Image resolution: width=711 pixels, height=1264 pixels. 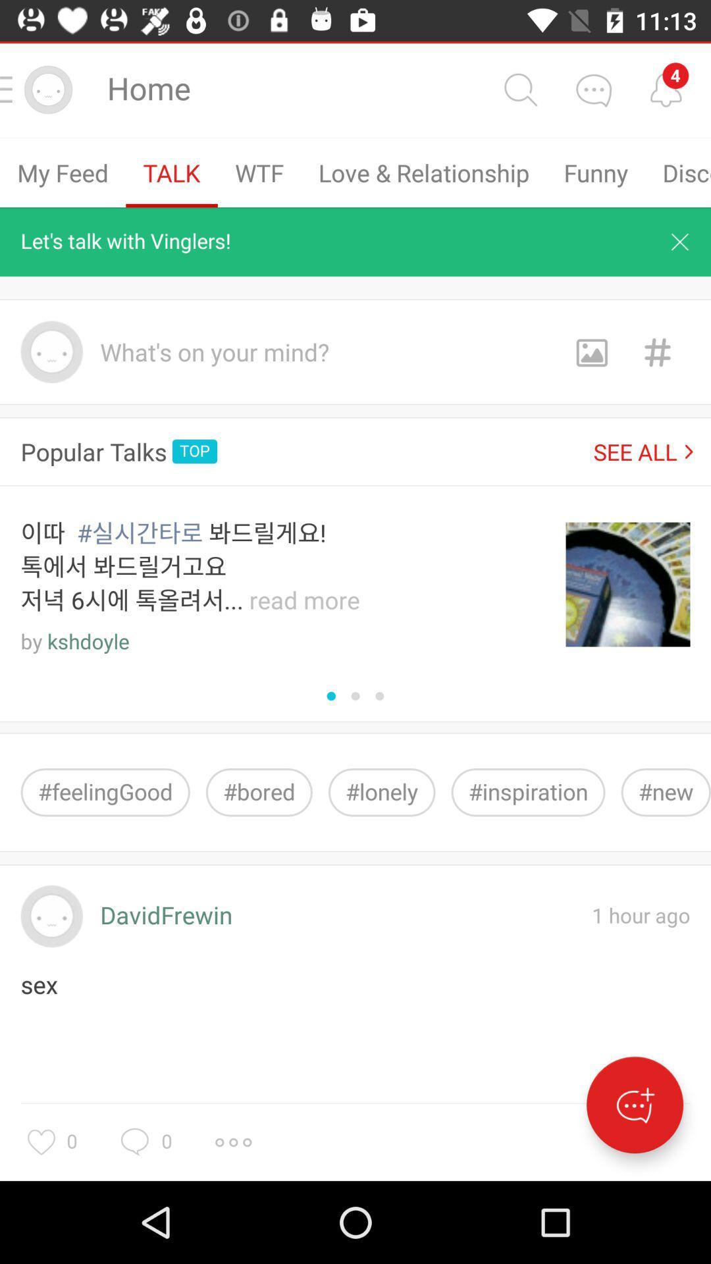 What do you see at coordinates (593, 89) in the screenshot?
I see `private messages` at bounding box center [593, 89].